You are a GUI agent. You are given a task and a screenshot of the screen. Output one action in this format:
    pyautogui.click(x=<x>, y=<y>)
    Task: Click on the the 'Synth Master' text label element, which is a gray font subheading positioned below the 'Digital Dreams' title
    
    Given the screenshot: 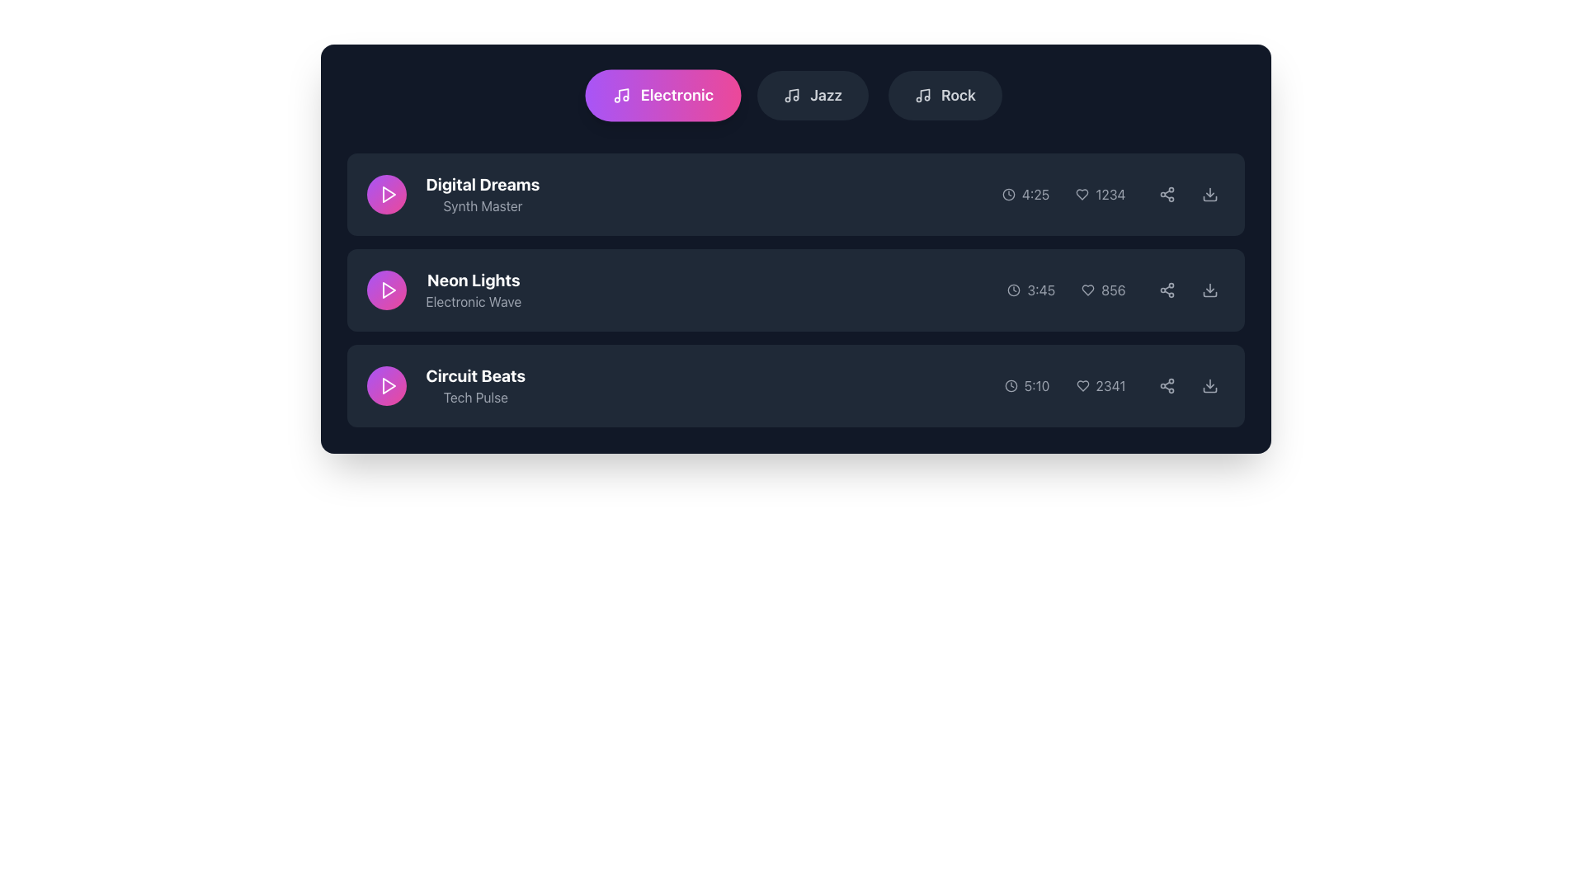 What is the action you would take?
    pyautogui.click(x=482, y=205)
    